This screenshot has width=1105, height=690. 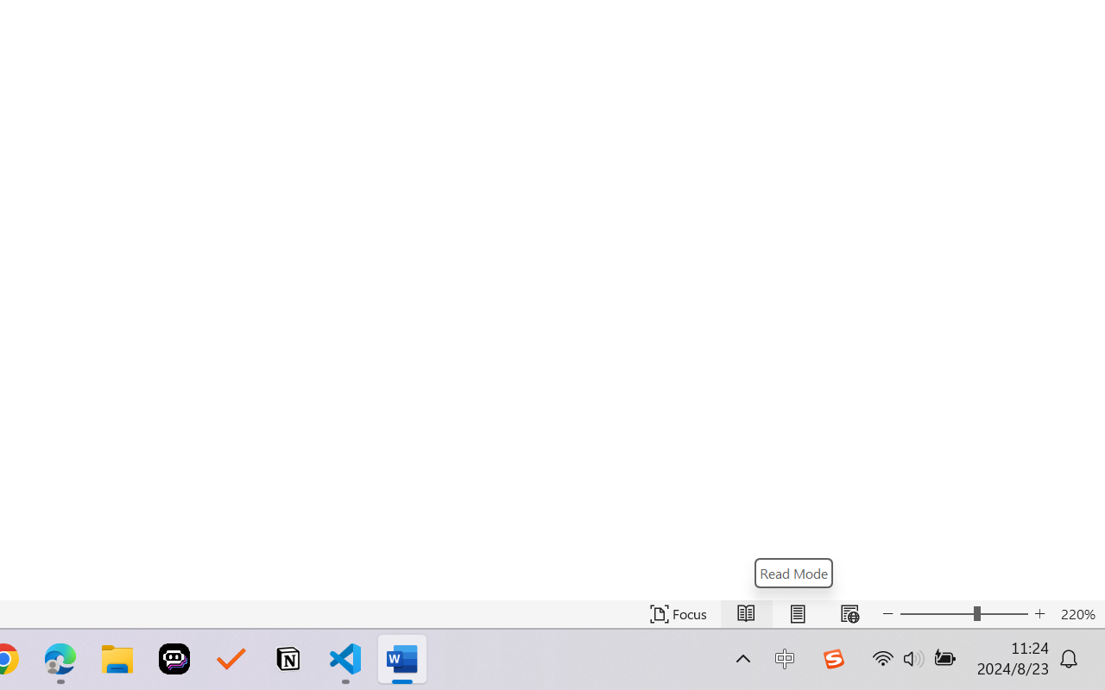 What do you see at coordinates (1039, 613) in the screenshot?
I see `'Increase Text Size'` at bounding box center [1039, 613].